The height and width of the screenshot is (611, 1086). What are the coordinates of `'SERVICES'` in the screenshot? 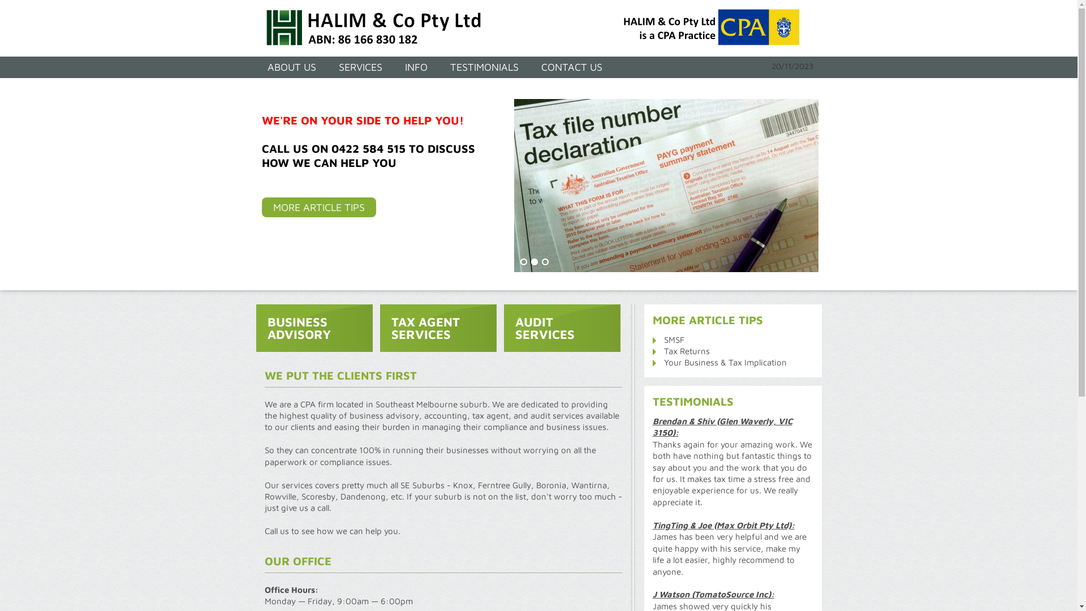 It's located at (359, 67).